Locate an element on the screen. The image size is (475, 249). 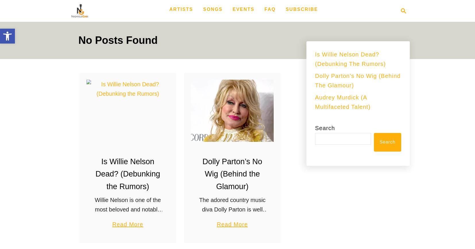
'No Posts Found' is located at coordinates (117, 40).